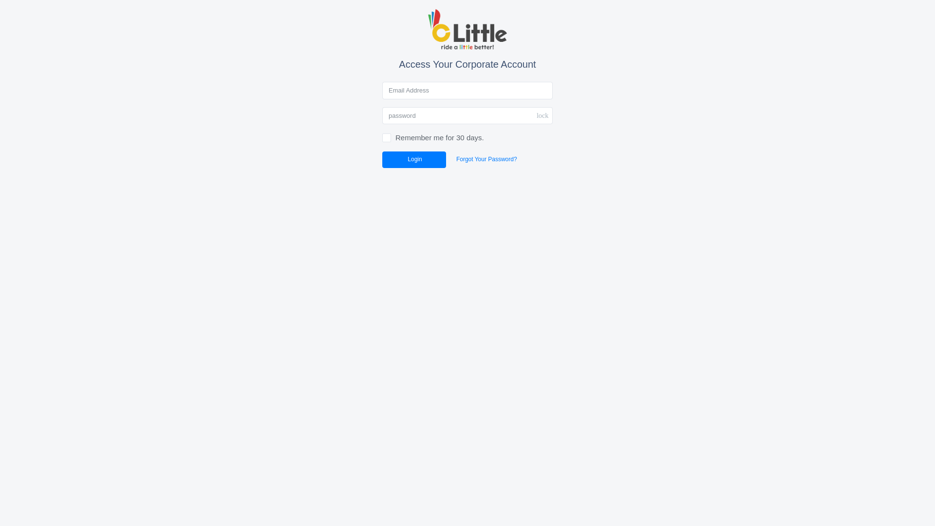  What do you see at coordinates (414, 159) in the screenshot?
I see `'Login'` at bounding box center [414, 159].